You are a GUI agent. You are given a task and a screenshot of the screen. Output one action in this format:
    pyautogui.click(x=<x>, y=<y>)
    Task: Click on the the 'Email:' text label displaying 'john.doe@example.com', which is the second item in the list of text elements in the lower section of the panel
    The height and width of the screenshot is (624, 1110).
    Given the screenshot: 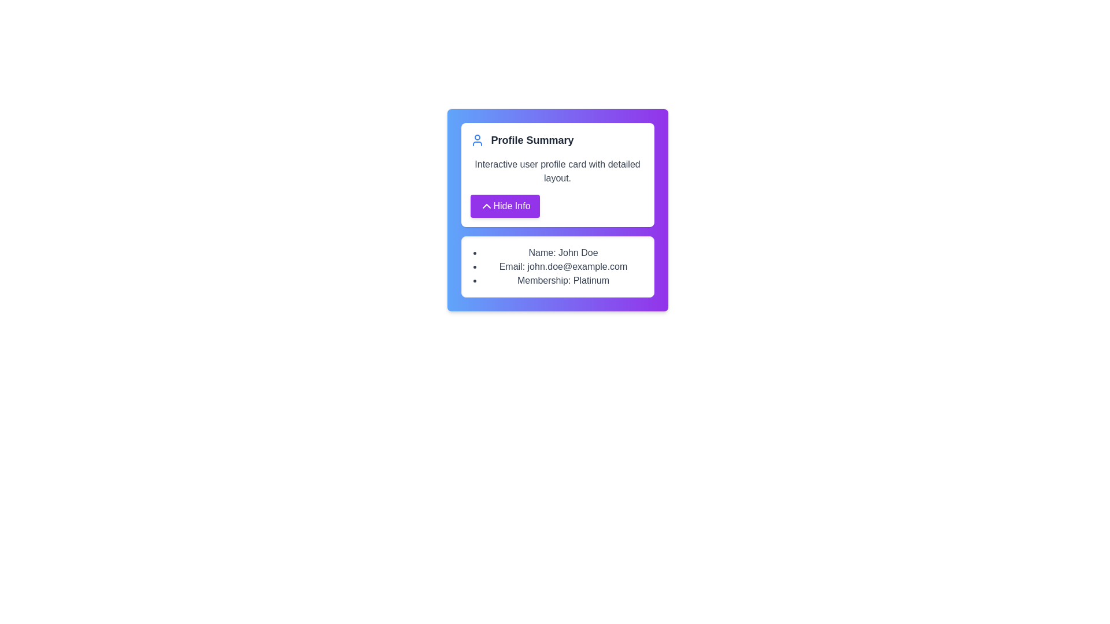 What is the action you would take?
    pyautogui.click(x=563, y=267)
    